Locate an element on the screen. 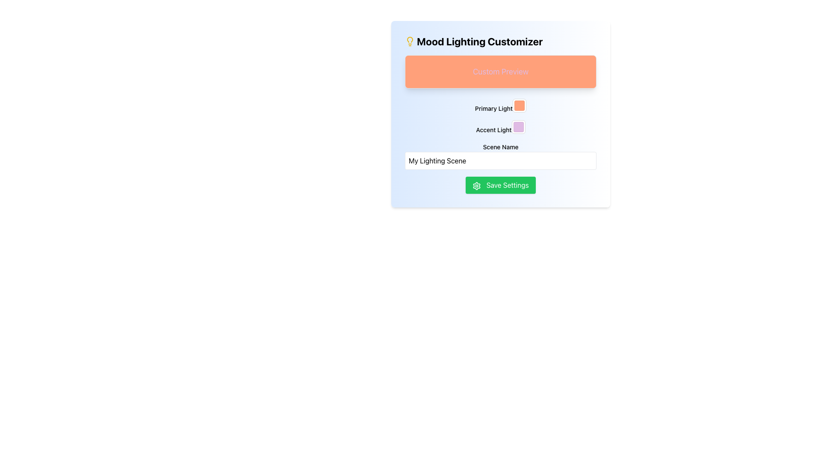 This screenshot has height=462, width=821. the cog-like settings icon, which is green and located to the left of the 'Save Settings' button at the bottom of the interface is located at coordinates (476, 185).